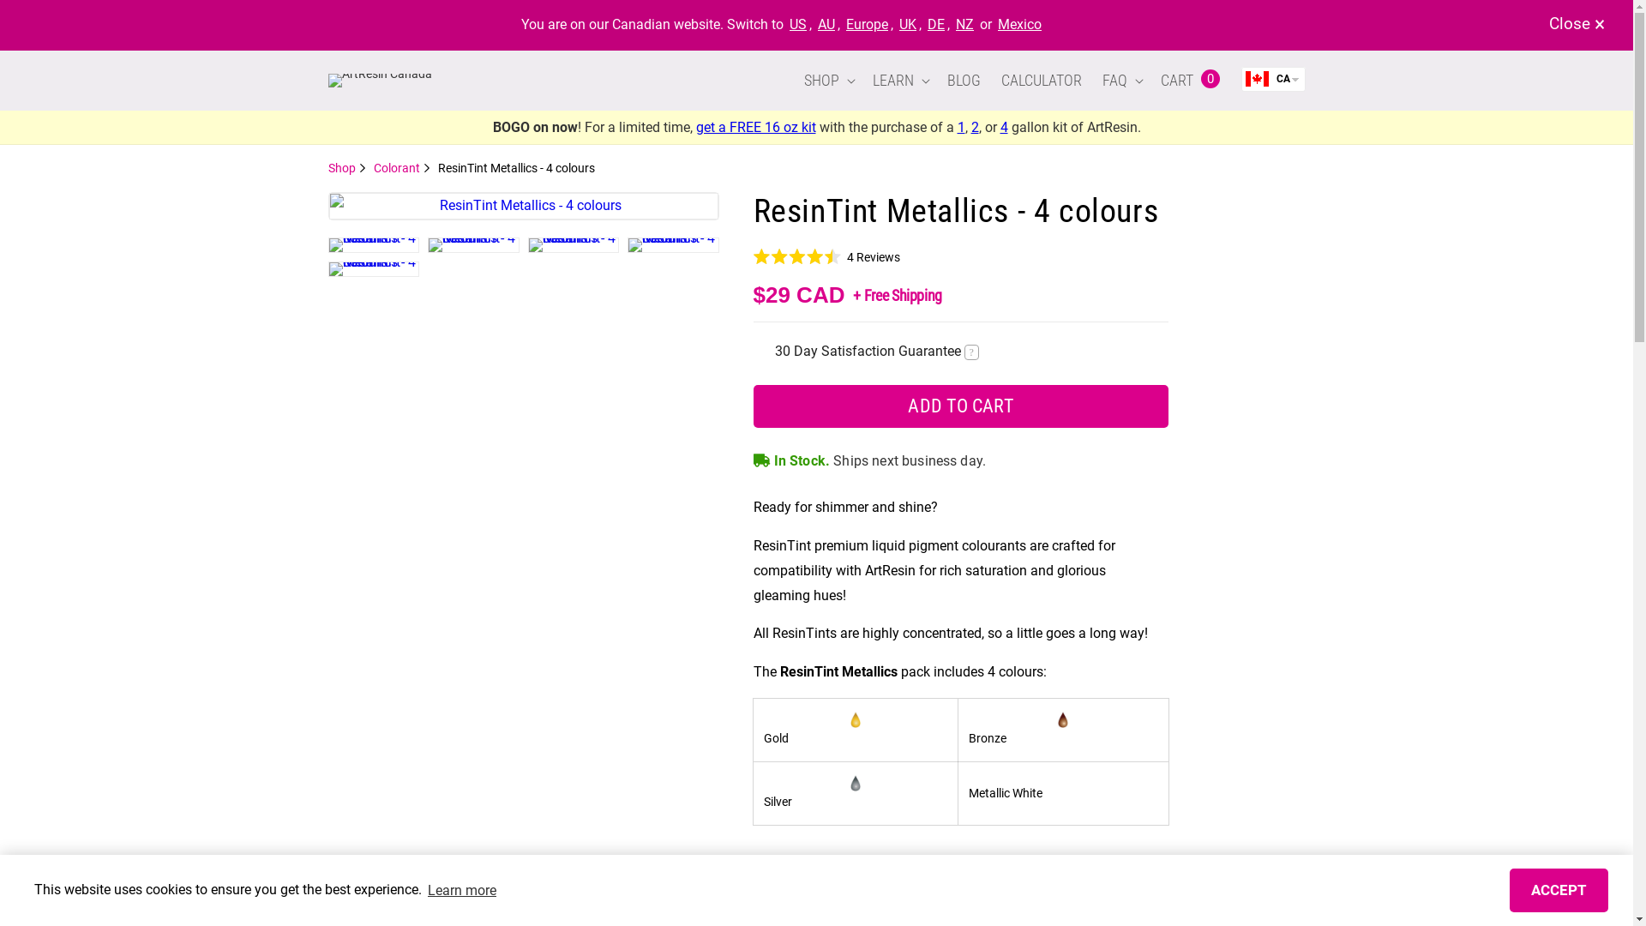  I want to click on 'Europe', so click(867, 24).